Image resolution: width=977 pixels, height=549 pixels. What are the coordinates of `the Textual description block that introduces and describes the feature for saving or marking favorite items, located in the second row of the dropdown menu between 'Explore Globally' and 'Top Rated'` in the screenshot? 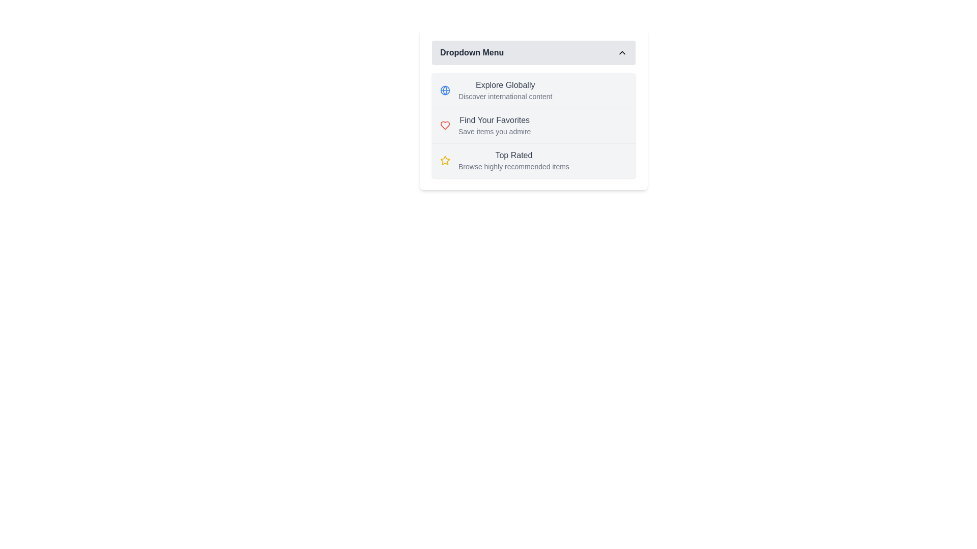 It's located at (494, 125).